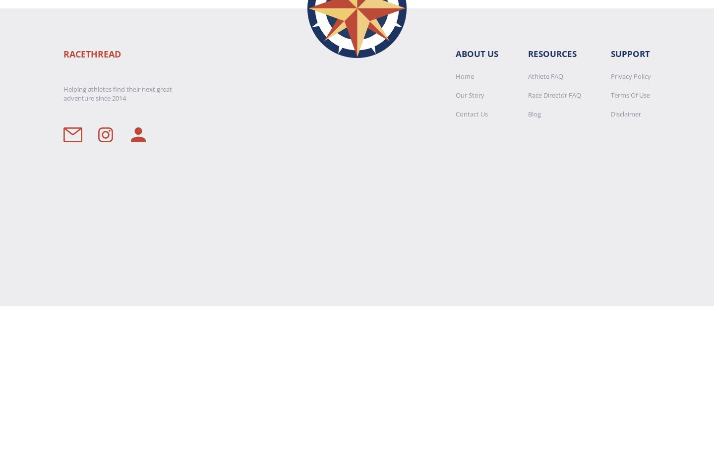  Describe the element at coordinates (630, 95) in the screenshot. I see `'Terms Of Use'` at that location.